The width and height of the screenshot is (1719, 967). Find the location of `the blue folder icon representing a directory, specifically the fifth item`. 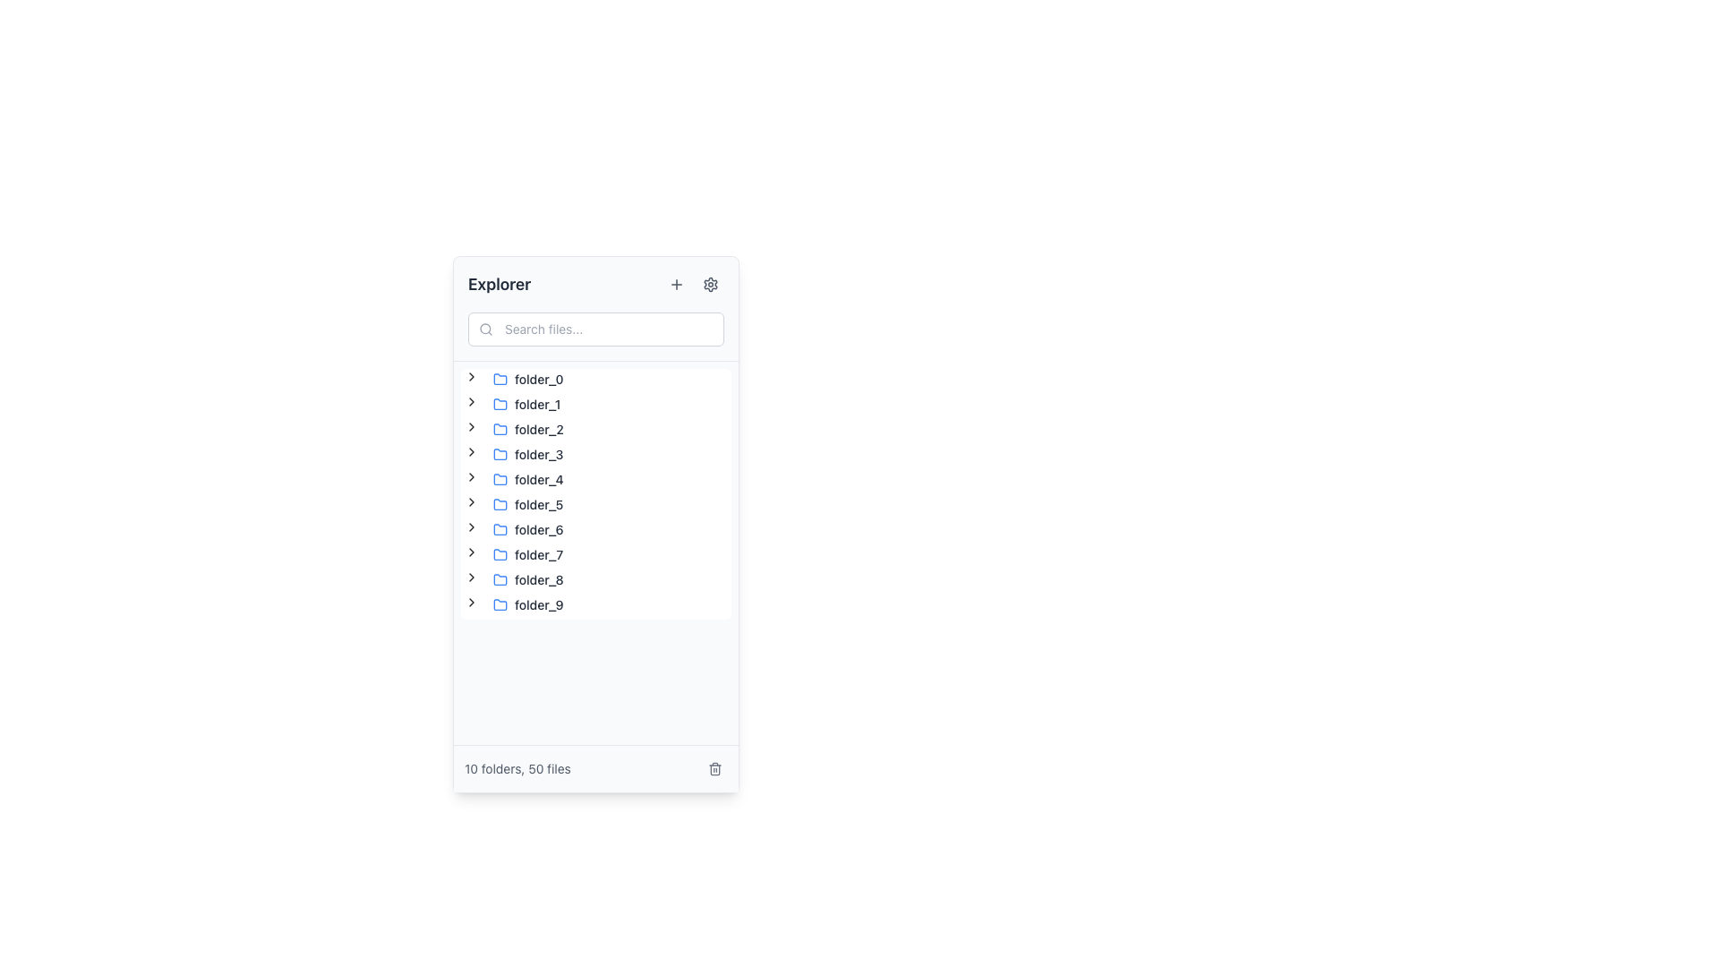

the blue folder icon representing a directory, specifically the fifth item is located at coordinates (500, 478).